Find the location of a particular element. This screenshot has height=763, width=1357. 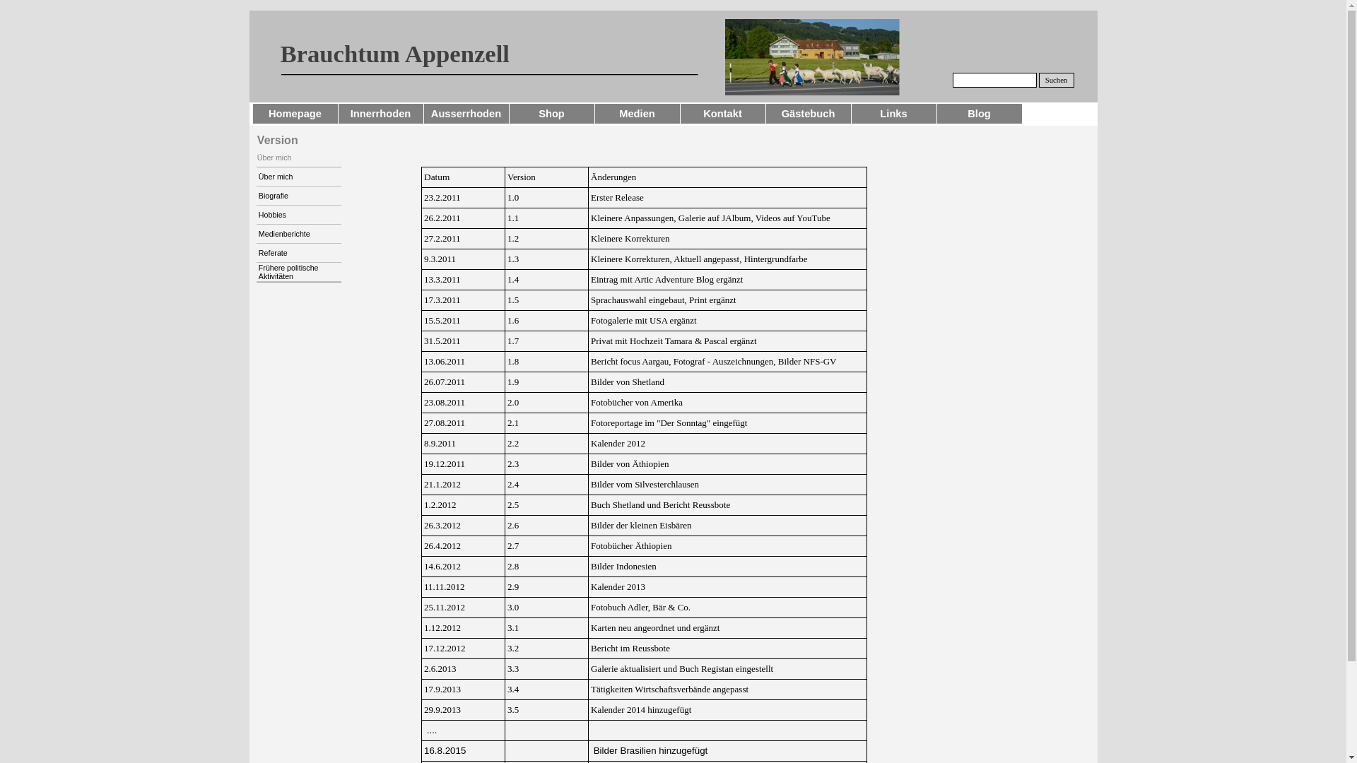

'Innerrhoden' is located at coordinates (380, 113).